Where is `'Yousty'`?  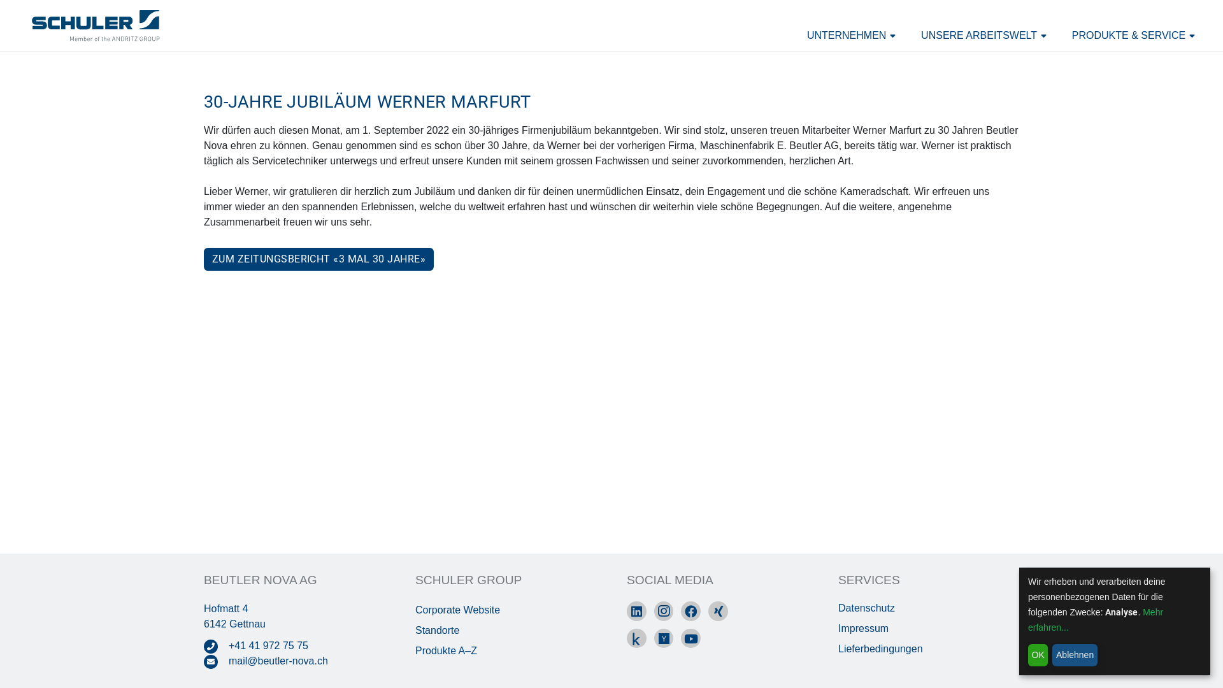 'Yousty' is located at coordinates (663, 638).